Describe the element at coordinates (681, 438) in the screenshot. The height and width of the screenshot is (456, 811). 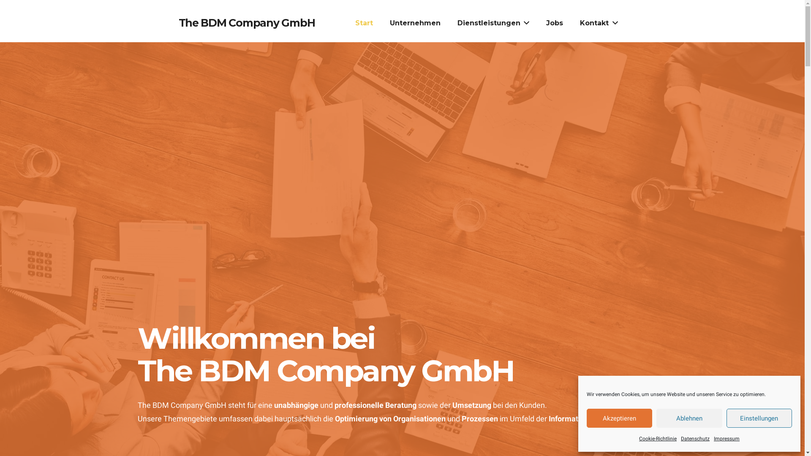
I see `'Datenschutz'` at that location.